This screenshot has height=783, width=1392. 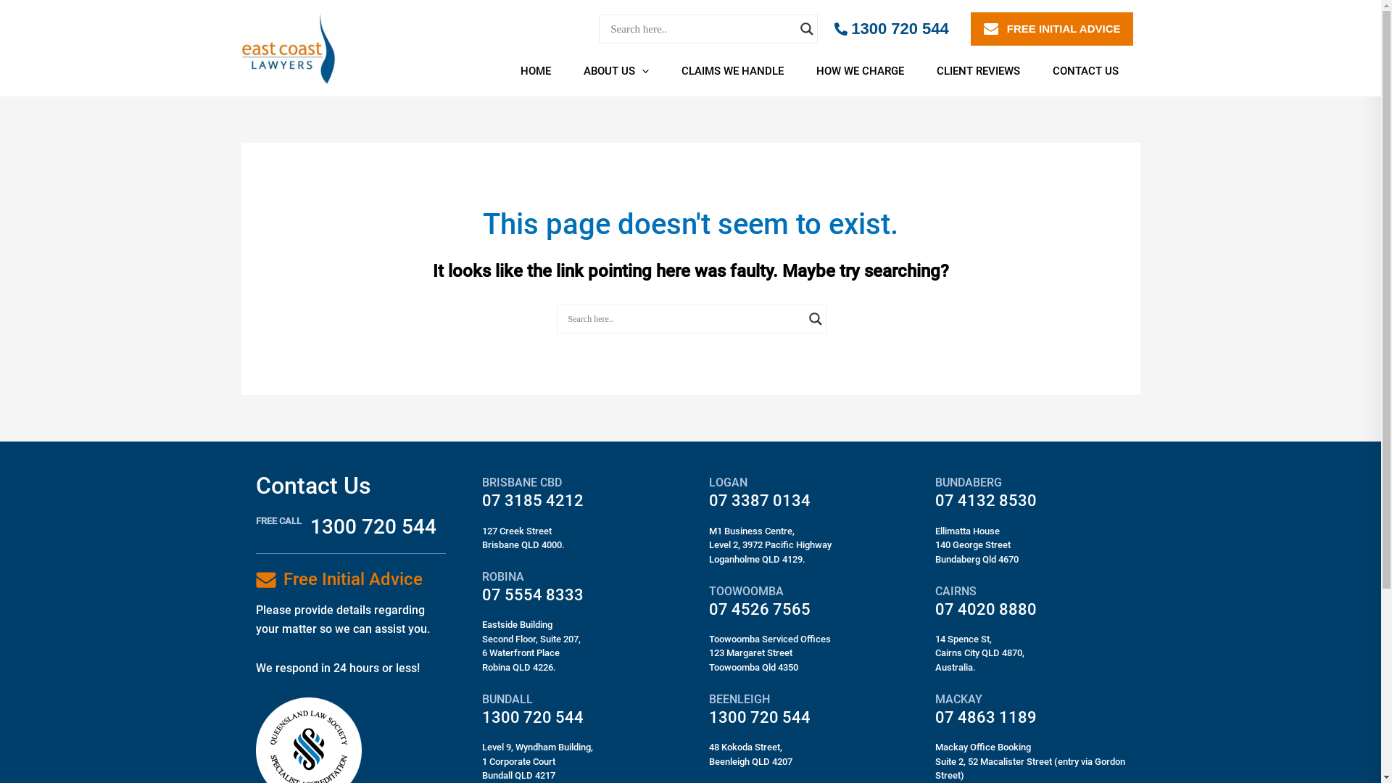 What do you see at coordinates (985, 500) in the screenshot?
I see `'07 4132 8530'` at bounding box center [985, 500].